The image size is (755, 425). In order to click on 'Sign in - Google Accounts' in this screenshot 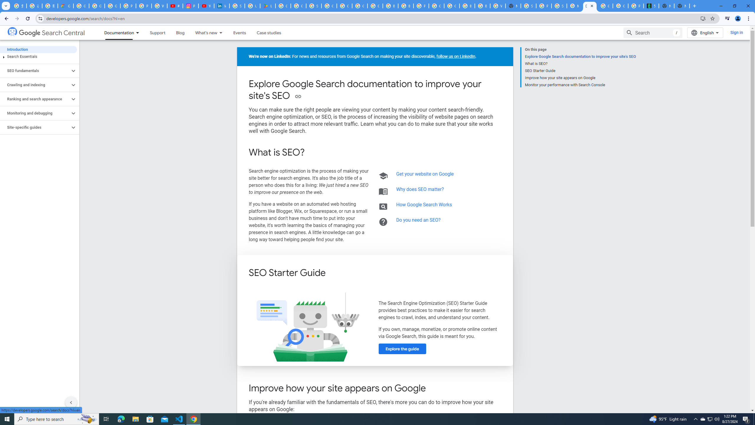, I will do `click(314, 6)`.